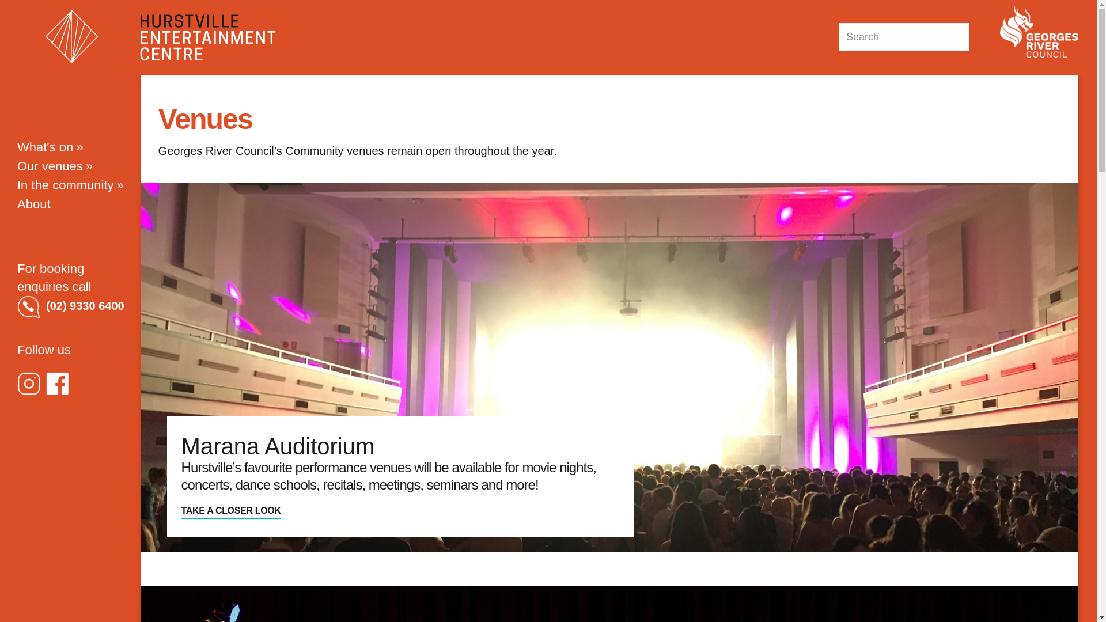 Image resolution: width=1106 pixels, height=622 pixels. I want to click on 'About', so click(17, 203).